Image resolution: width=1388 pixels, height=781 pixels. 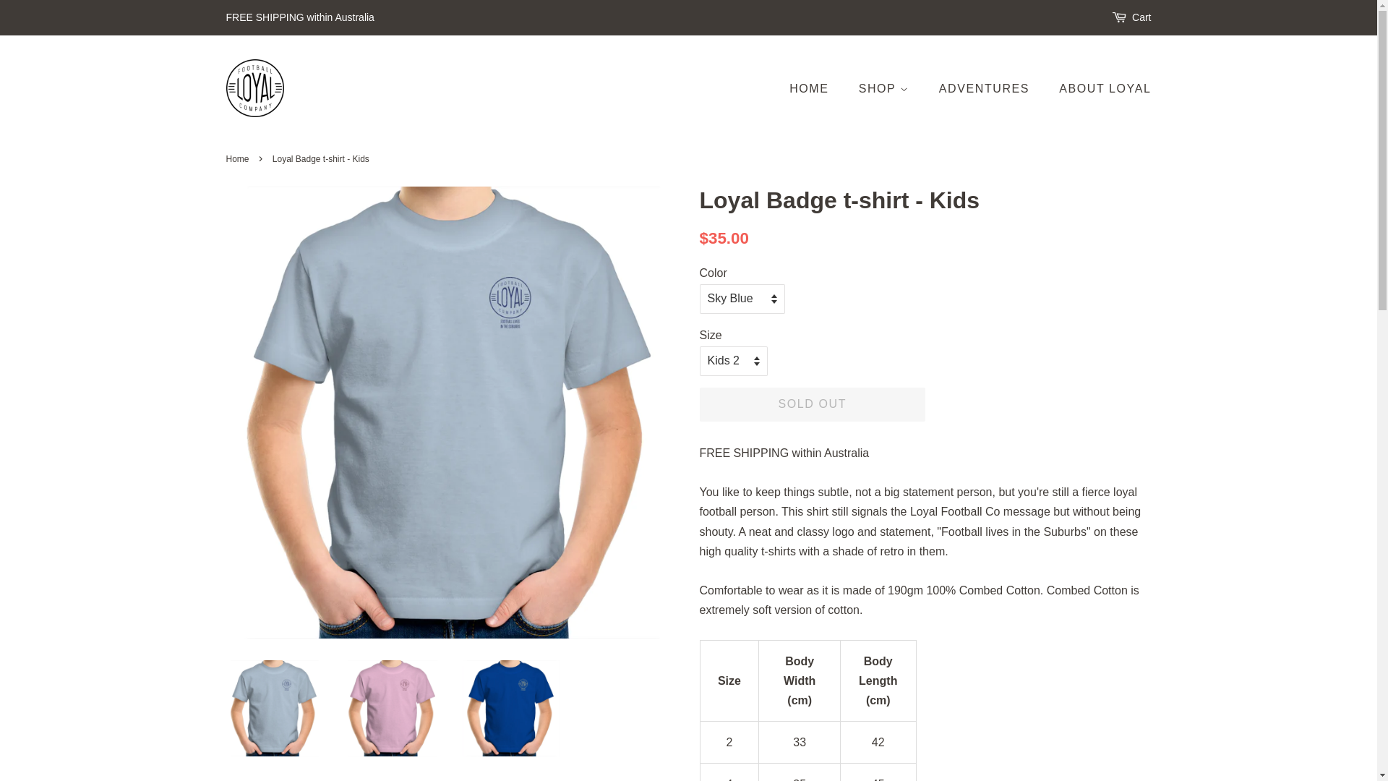 What do you see at coordinates (885, 88) in the screenshot?
I see `'SHOP'` at bounding box center [885, 88].